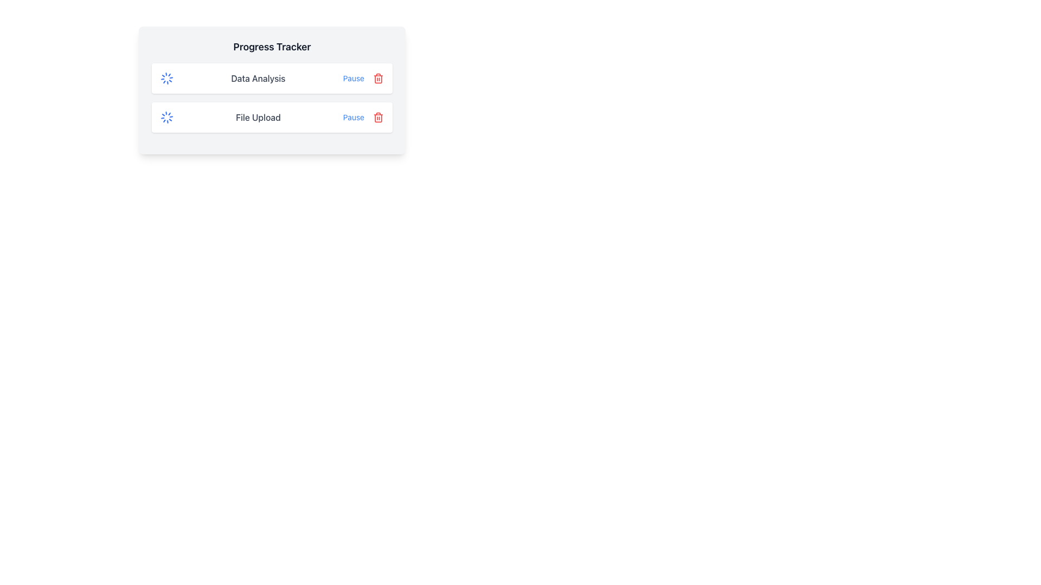 This screenshot has height=585, width=1041. Describe the element at coordinates (258, 78) in the screenshot. I see `the text label that describes the current status in the tracker interface, positioned between the spinning blue icon and the 'Pause' button` at that location.